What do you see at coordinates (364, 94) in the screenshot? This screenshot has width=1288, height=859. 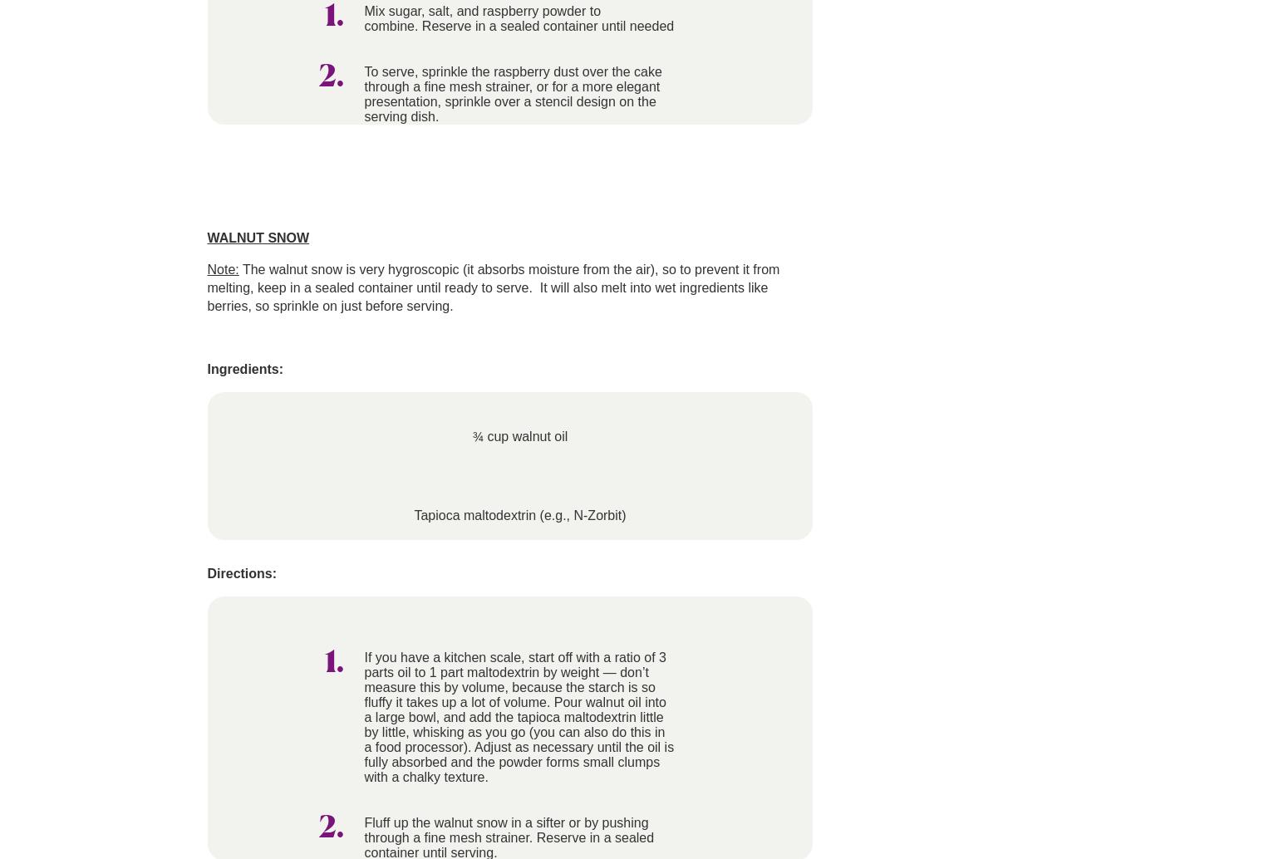 I see `'To serve, sprinkle the raspberry dust over the cake through a fine mesh strainer, or for a more elegant presentation, sprinkle over a stencil design on the serving dish.'` at bounding box center [364, 94].